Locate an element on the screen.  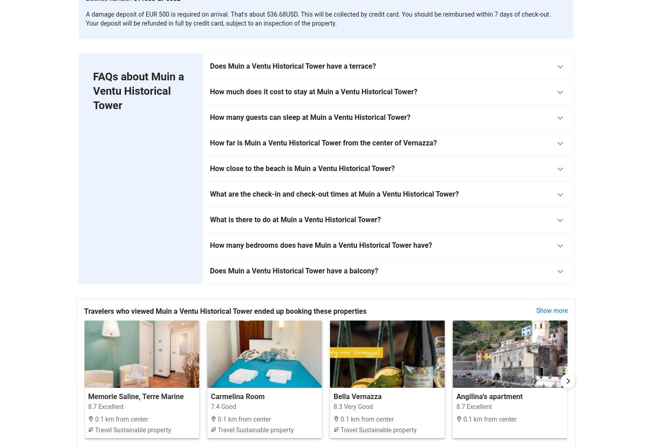
'How many guests can sleep at Muin a Ventu Historical Tower?' is located at coordinates (210, 116).